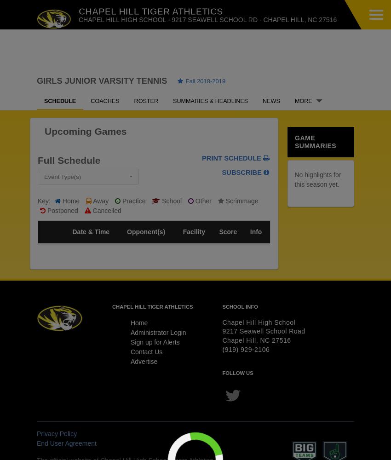 The height and width of the screenshot is (460, 391). What do you see at coordinates (317, 179) in the screenshot?
I see `'No highlights for this season yet.'` at bounding box center [317, 179].